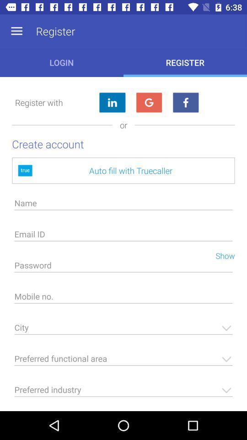 This screenshot has height=440, width=247. What do you see at coordinates (123, 330) in the screenshot?
I see `city` at bounding box center [123, 330].